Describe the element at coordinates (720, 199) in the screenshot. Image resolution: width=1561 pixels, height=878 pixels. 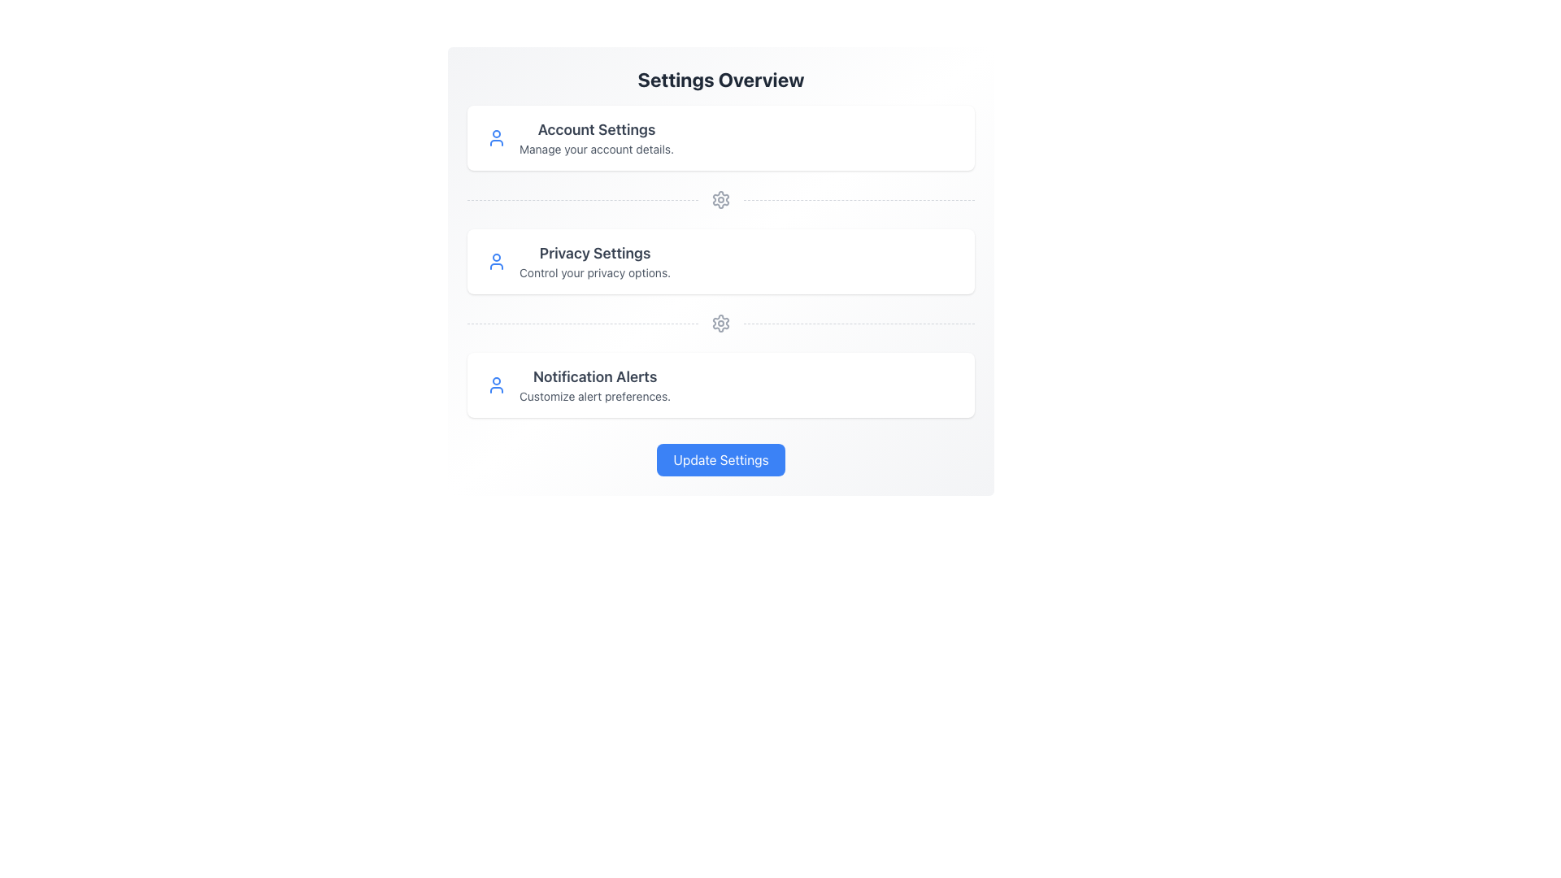
I see `the gear-shaped settings icon located beneath the 'Privacy Settings' section and above the 'Notification Alerts' section in the central part of the interface` at that location.